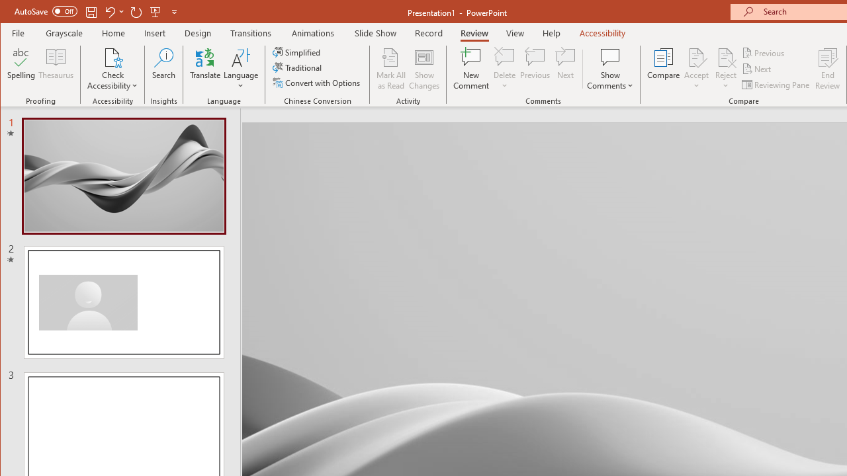 Image resolution: width=847 pixels, height=476 pixels. Describe the element at coordinates (827, 69) in the screenshot. I see `'End Review'` at that location.